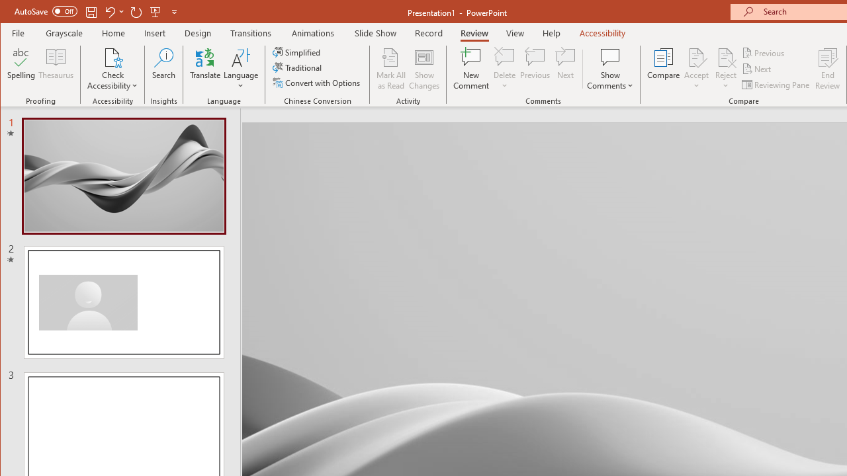 Image resolution: width=847 pixels, height=476 pixels. Describe the element at coordinates (827, 69) in the screenshot. I see `'End Review'` at that location.